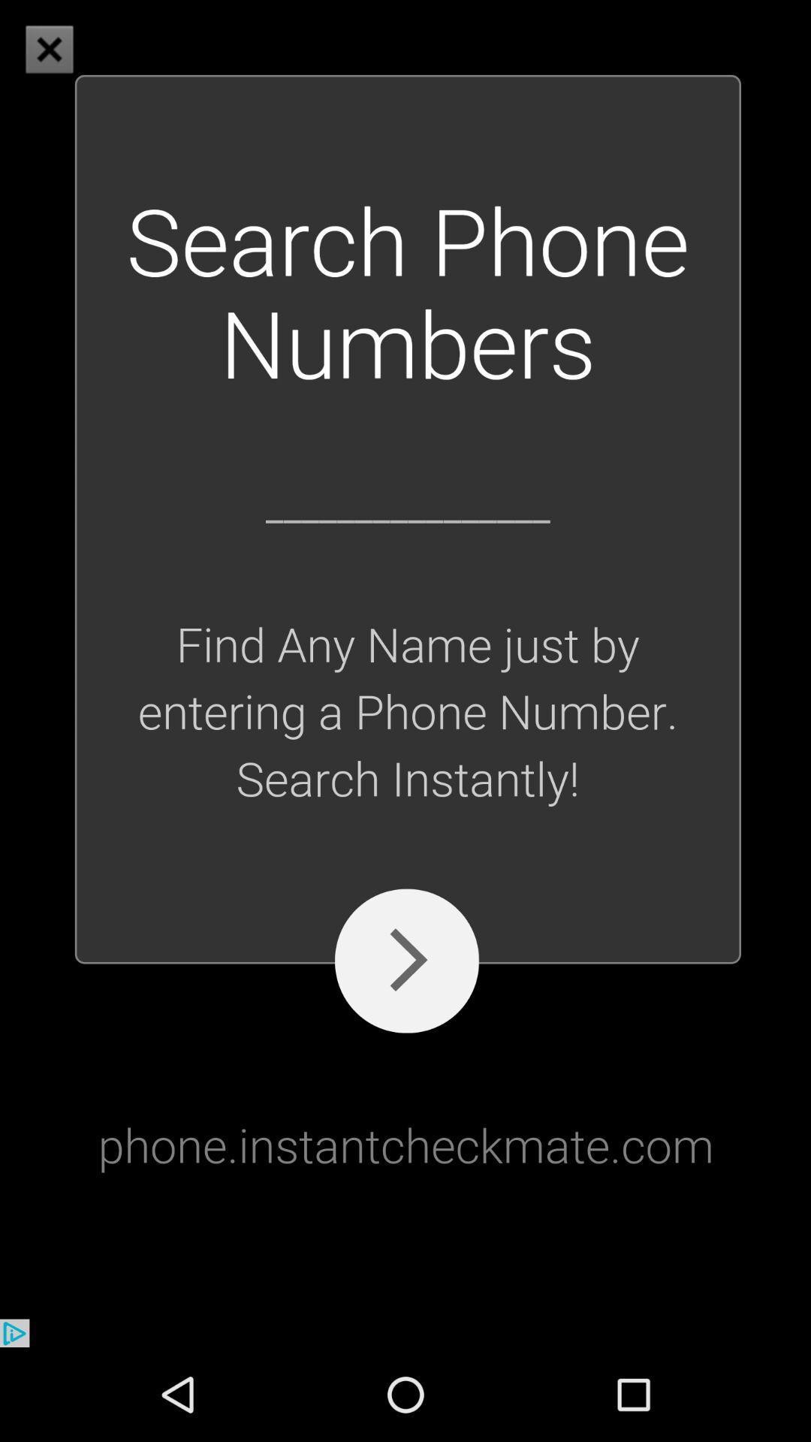 Image resolution: width=811 pixels, height=1442 pixels. What do you see at coordinates (48, 53) in the screenshot?
I see `the close icon` at bounding box center [48, 53].